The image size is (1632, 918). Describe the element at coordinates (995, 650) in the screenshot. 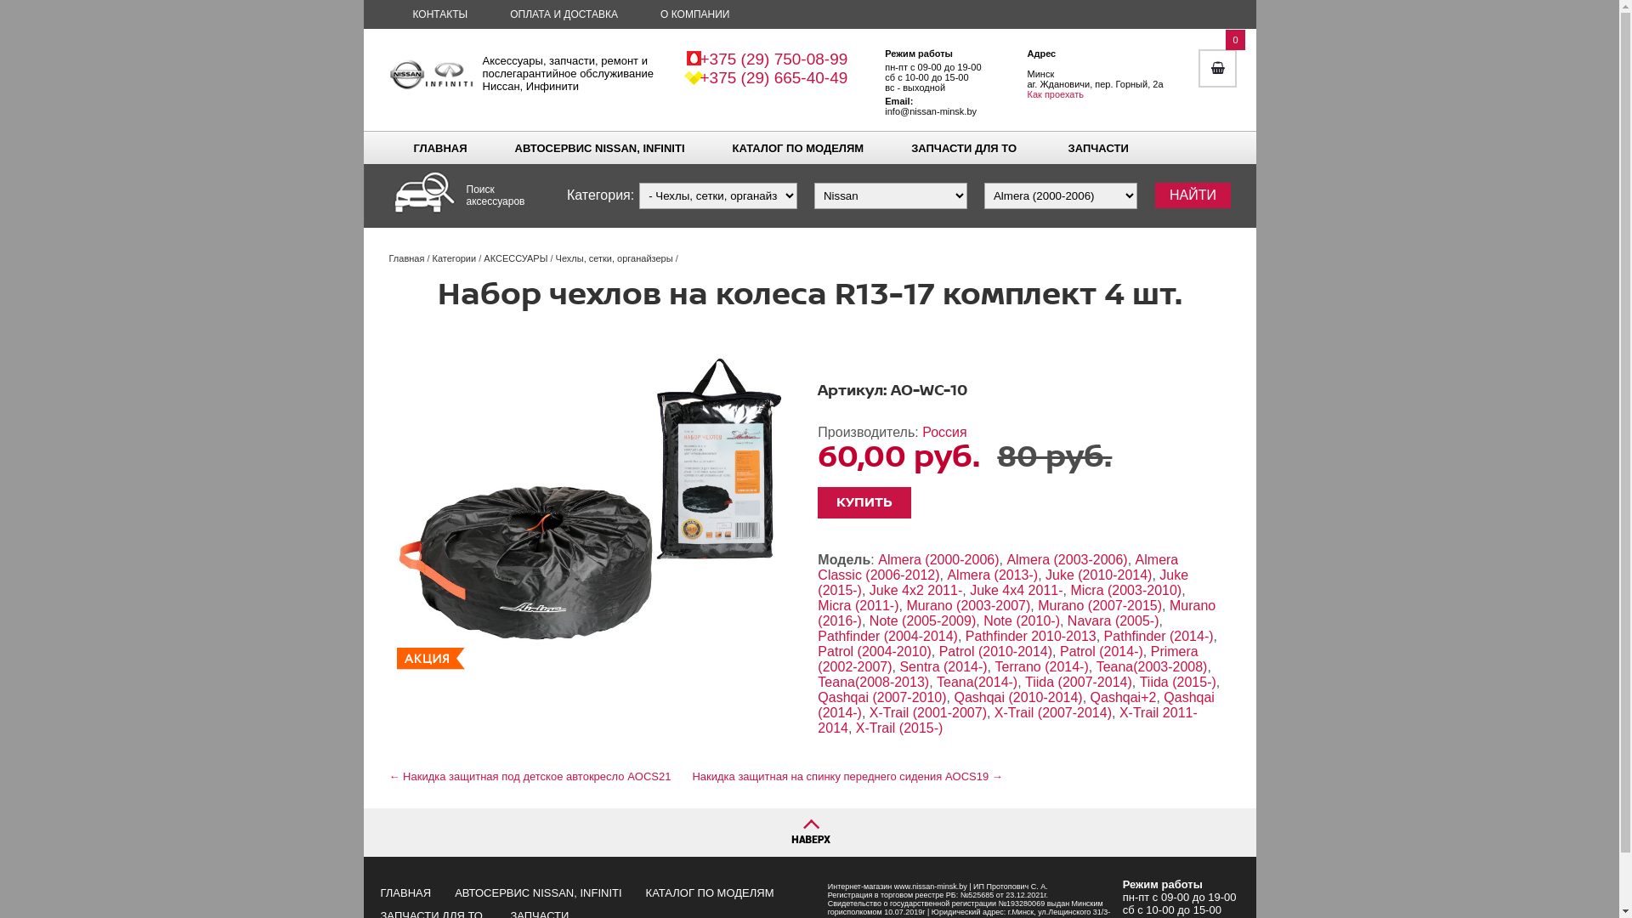

I see `'Patrol (2010-2014)'` at that location.